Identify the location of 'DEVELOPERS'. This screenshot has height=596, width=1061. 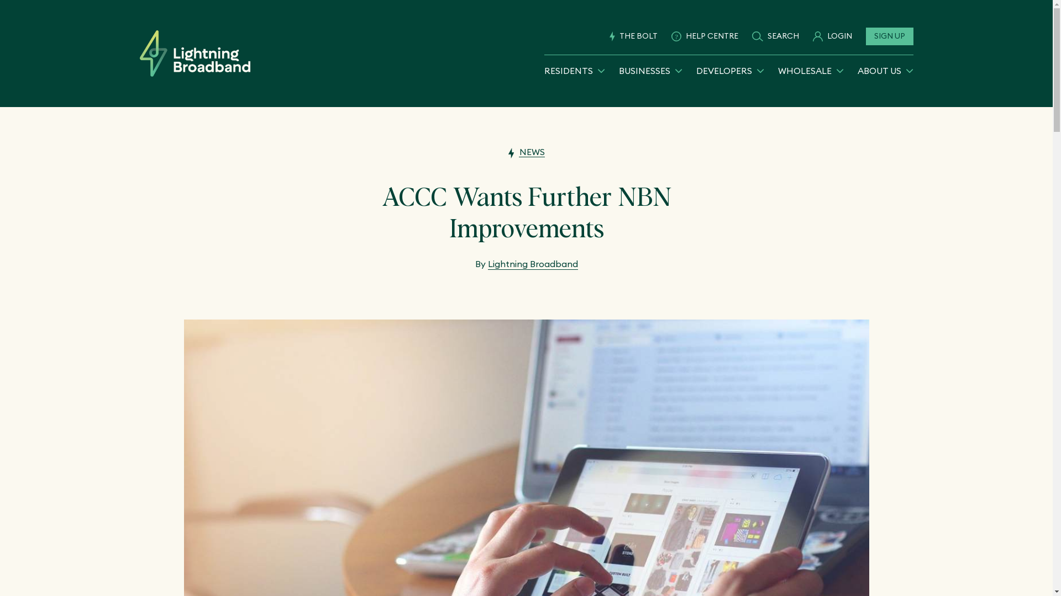
(730, 71).